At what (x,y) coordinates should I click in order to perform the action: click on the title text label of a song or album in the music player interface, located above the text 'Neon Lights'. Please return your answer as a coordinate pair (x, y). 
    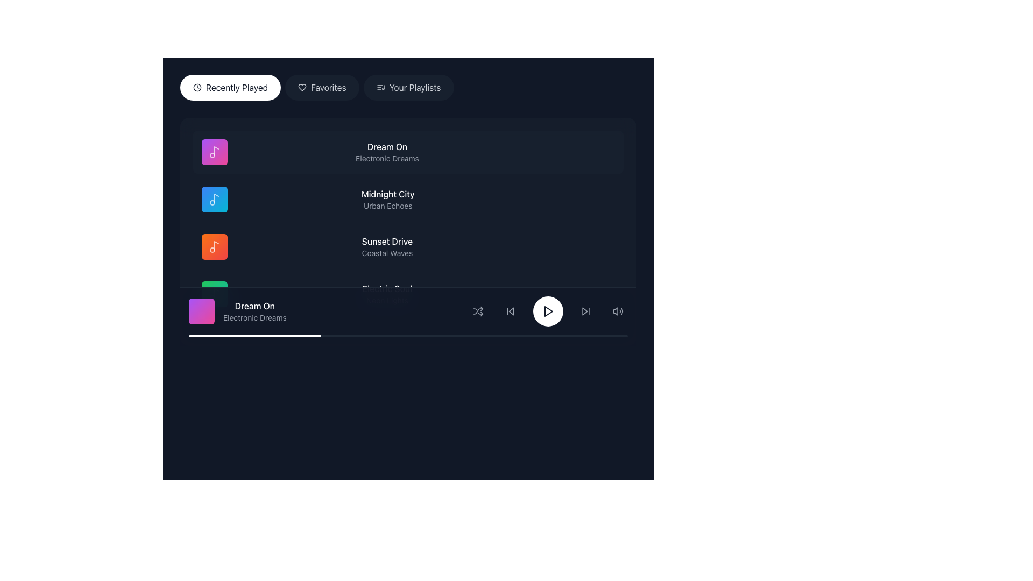
    Looking at the image, I should click on (387, 288).